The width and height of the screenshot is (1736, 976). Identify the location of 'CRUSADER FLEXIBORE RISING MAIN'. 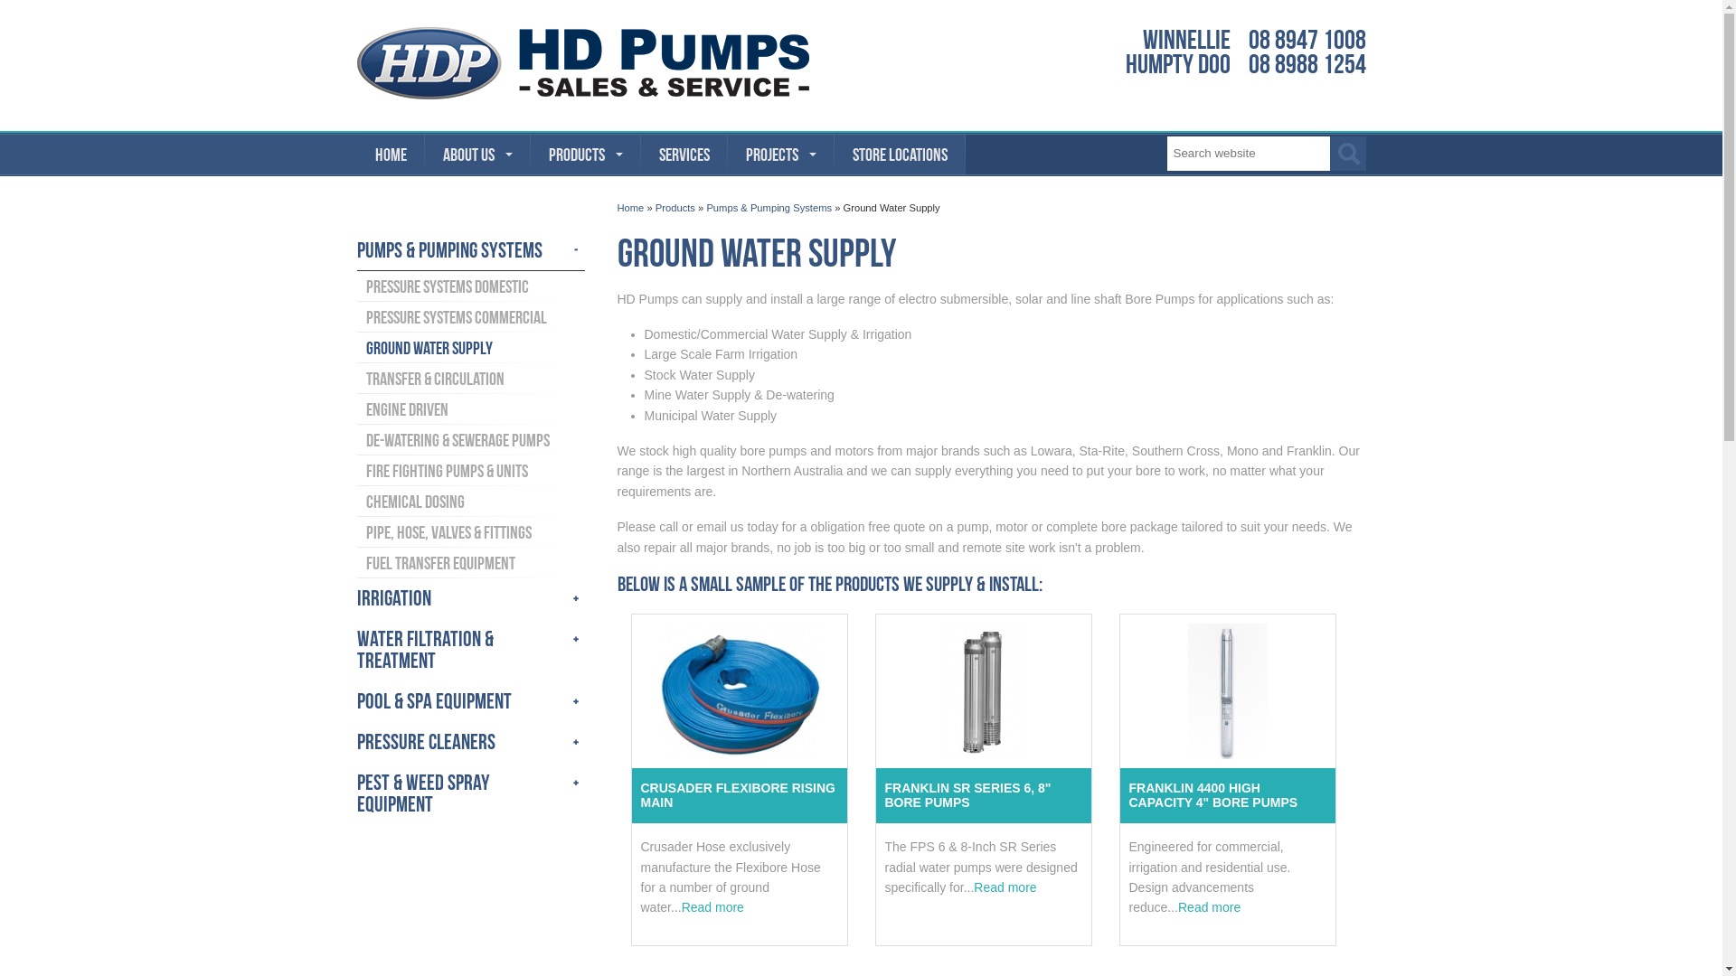
(630, 794).